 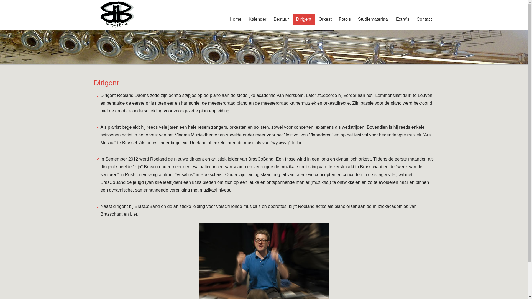 I want to click on 'Home', so click(x=226, y=19).